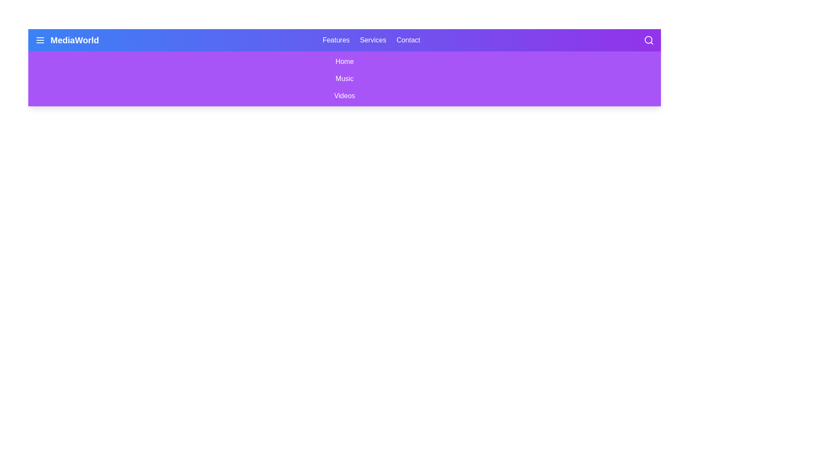  Describe the element at coordinates (336, 40) in the screenshot. I see `the 'Features' text link in the navigation bar` at that location.